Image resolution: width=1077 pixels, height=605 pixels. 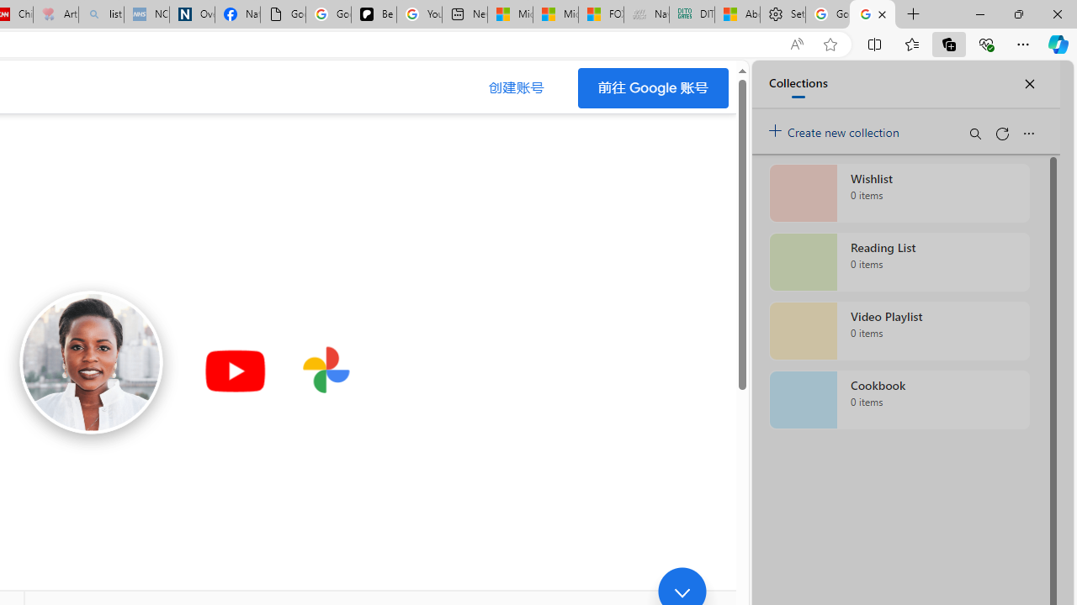 I want to click on 'Aberdeen, Hong Kong SAR hourly forecast | Microsoft Weather', so click(x=737, y=14).